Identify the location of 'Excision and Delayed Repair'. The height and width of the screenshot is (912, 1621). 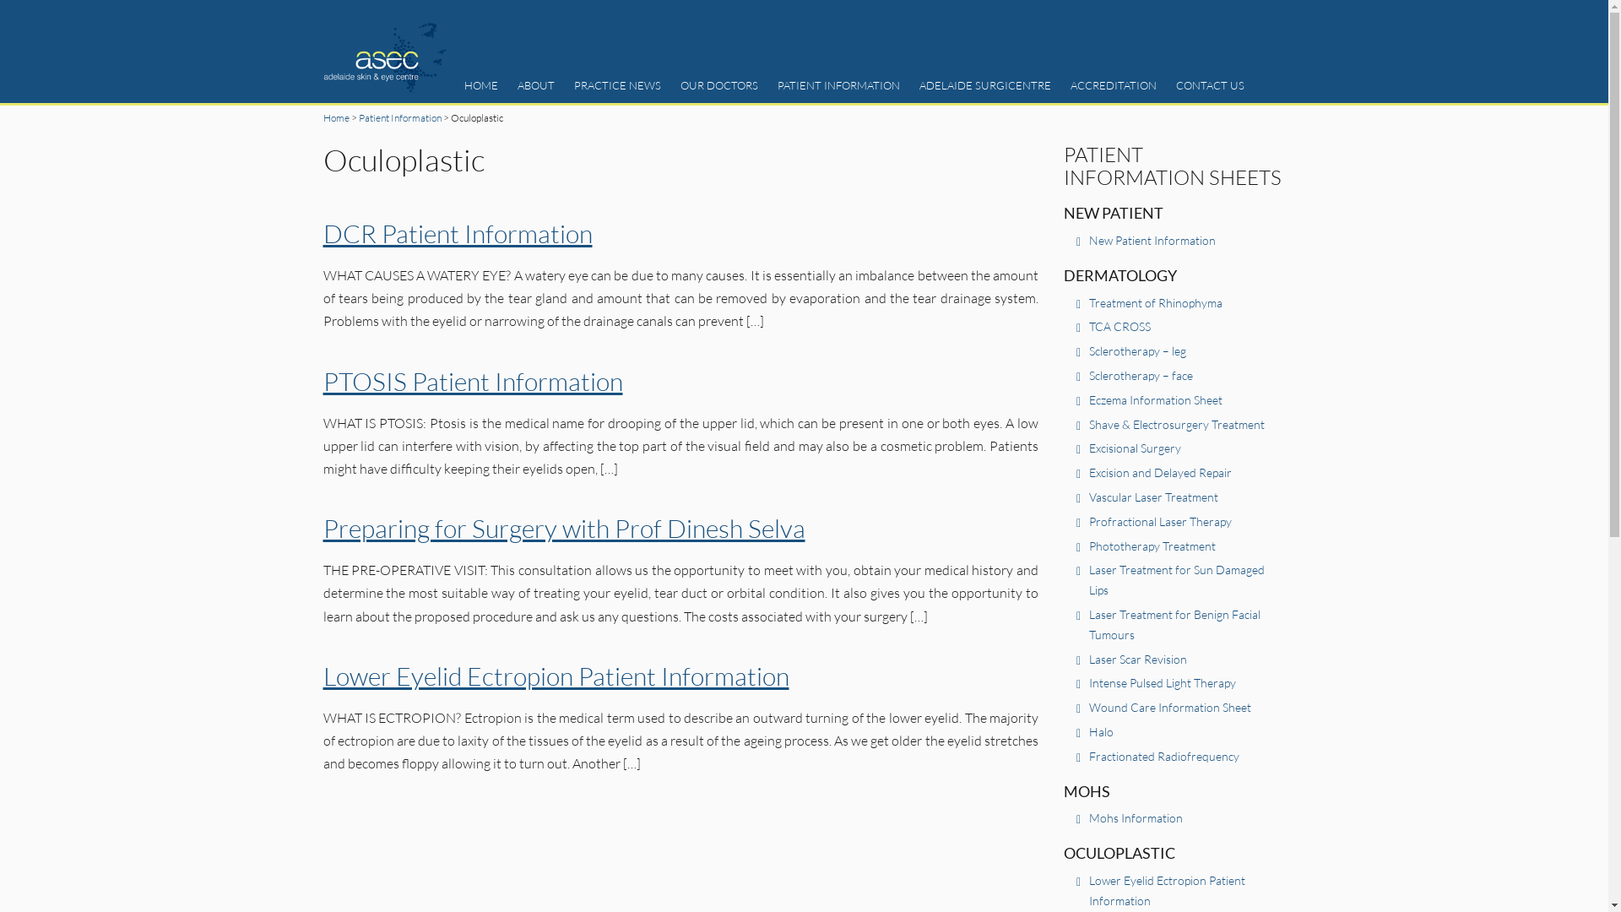
(1159, 472).